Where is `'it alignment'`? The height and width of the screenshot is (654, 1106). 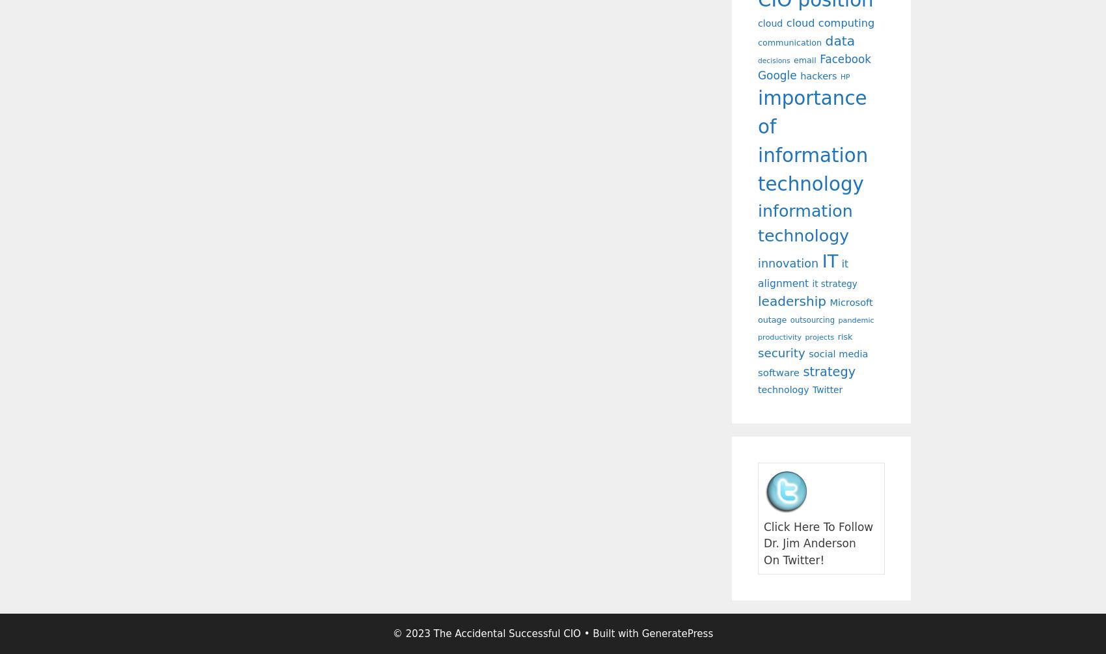
'it alignment' is located at coordinates (802, 273).